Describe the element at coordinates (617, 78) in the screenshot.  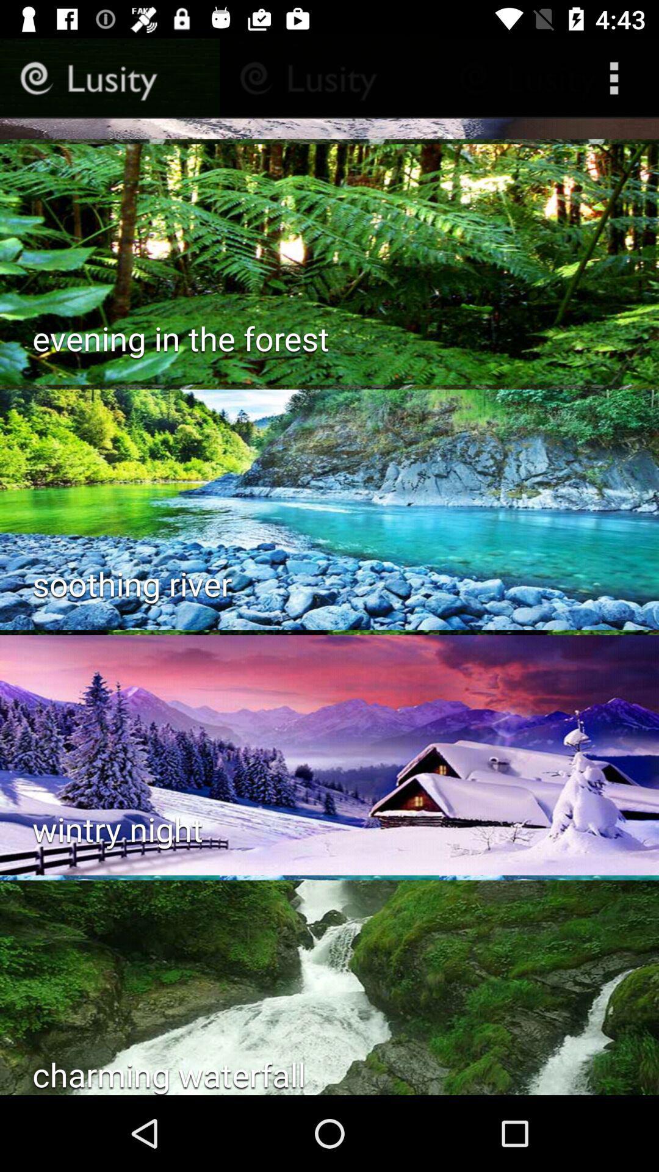
I see `the icon at the top right corner` at that location.